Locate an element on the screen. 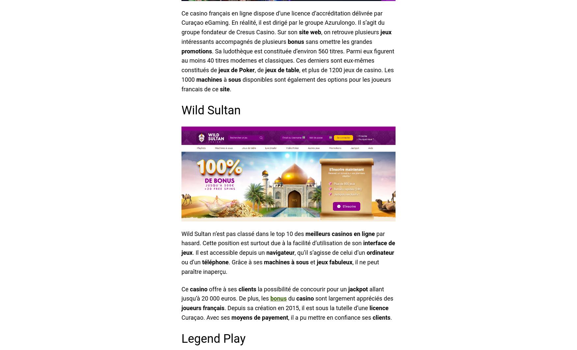 The height and width of the screenshot is (350, 577). 'téléphone' is located at coordinates (215, 262).